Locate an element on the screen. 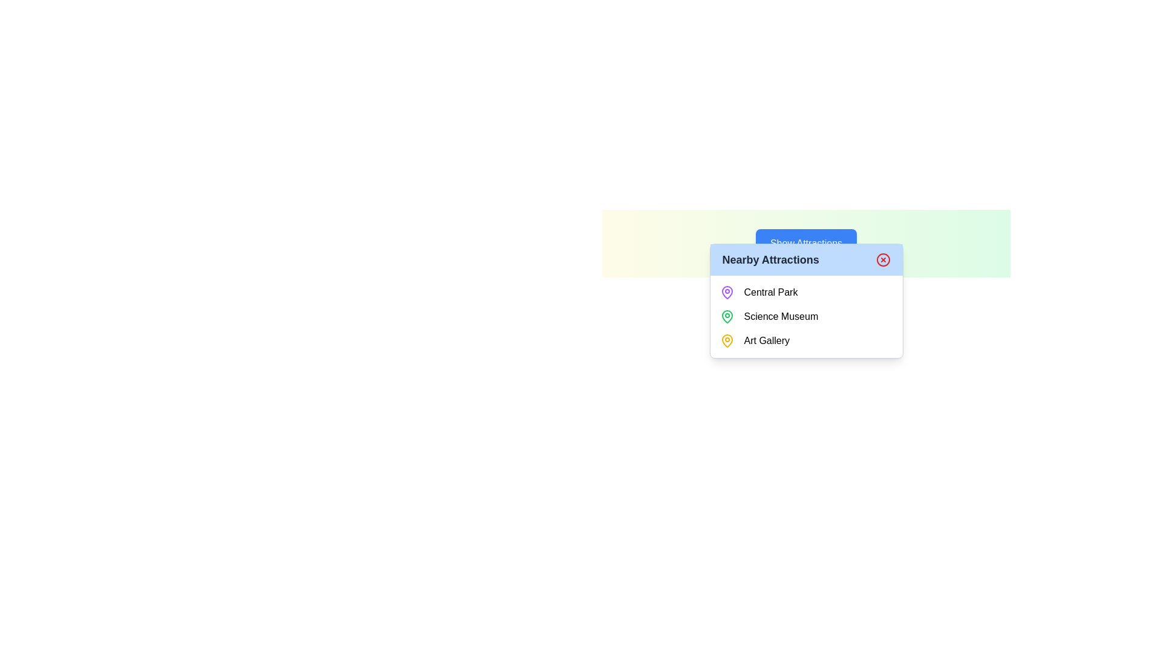 This screenshot has height=653, width=1161. text label displaying 'Central Park', which is the first item in a vertical list of attractions within a tooltip or dialog box, positioned to the right of a purple location pin icon is located at coordinates (770, 292).